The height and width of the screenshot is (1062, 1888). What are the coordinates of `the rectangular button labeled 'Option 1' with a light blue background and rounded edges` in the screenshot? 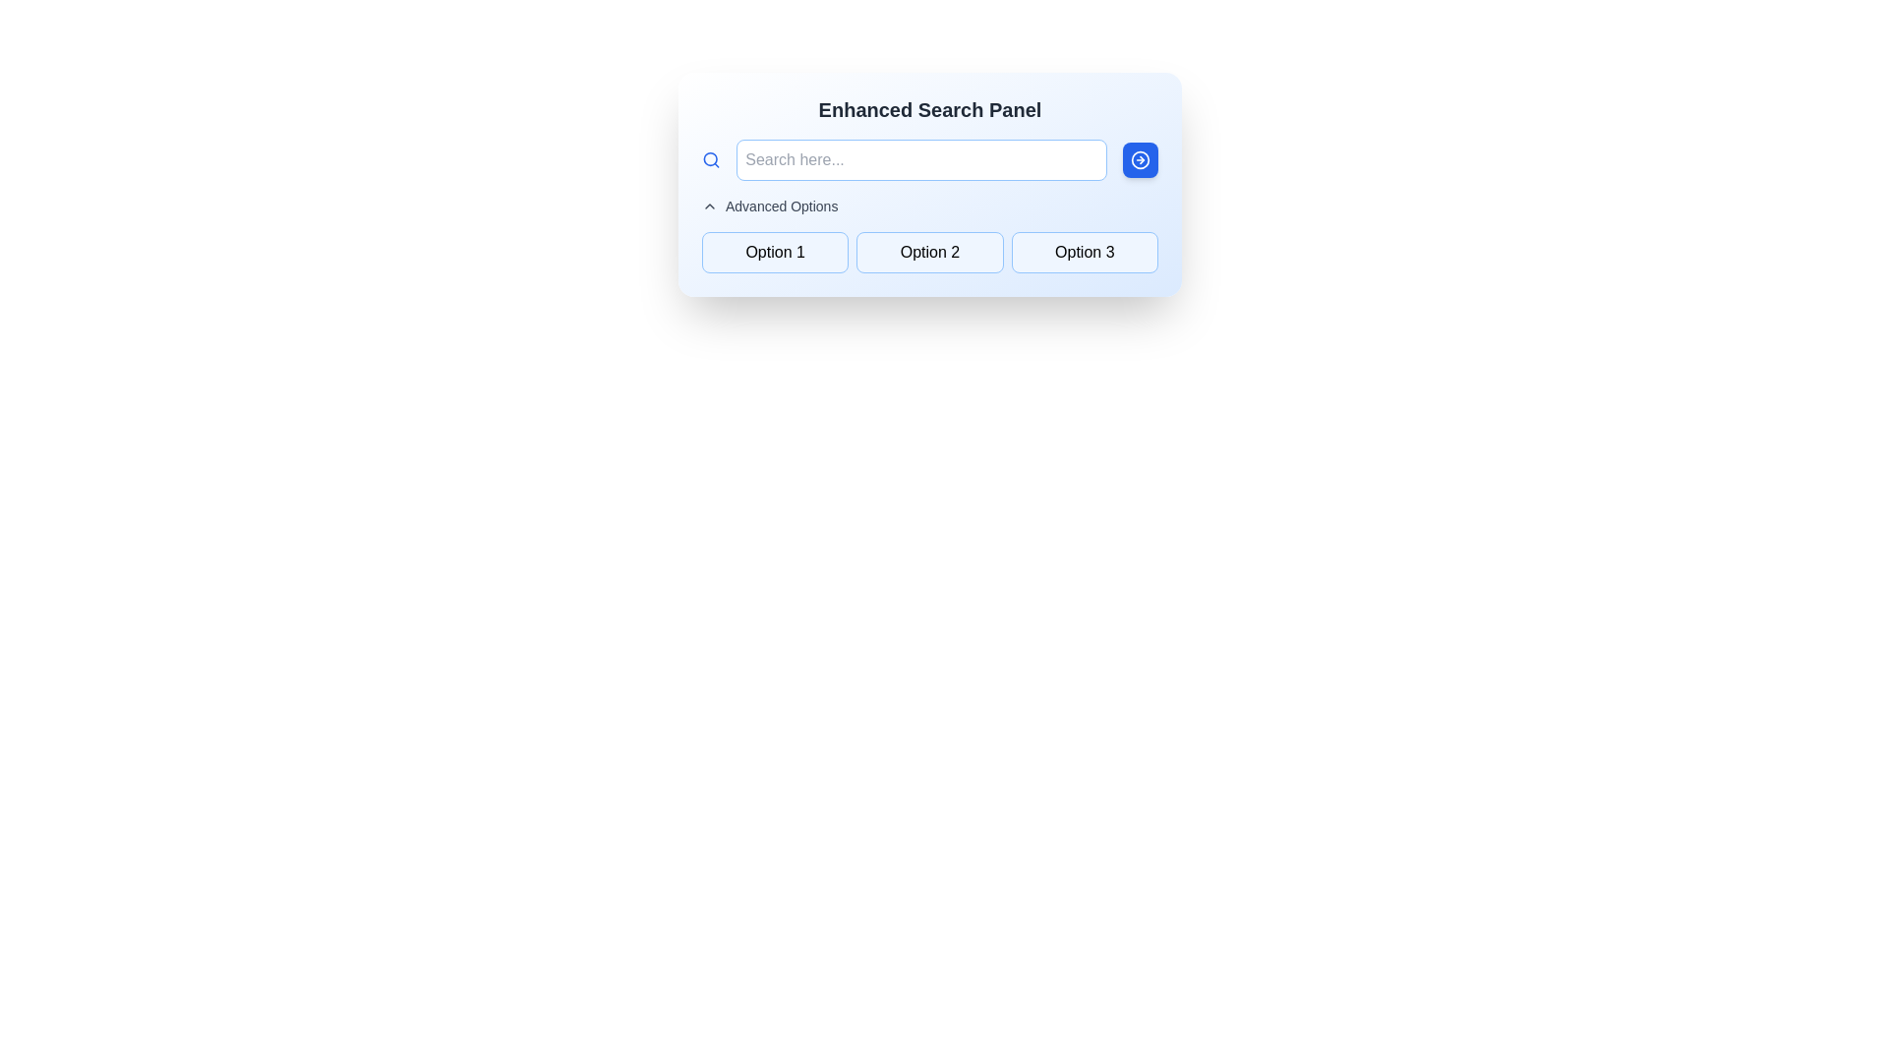 It's located at (774, 252).